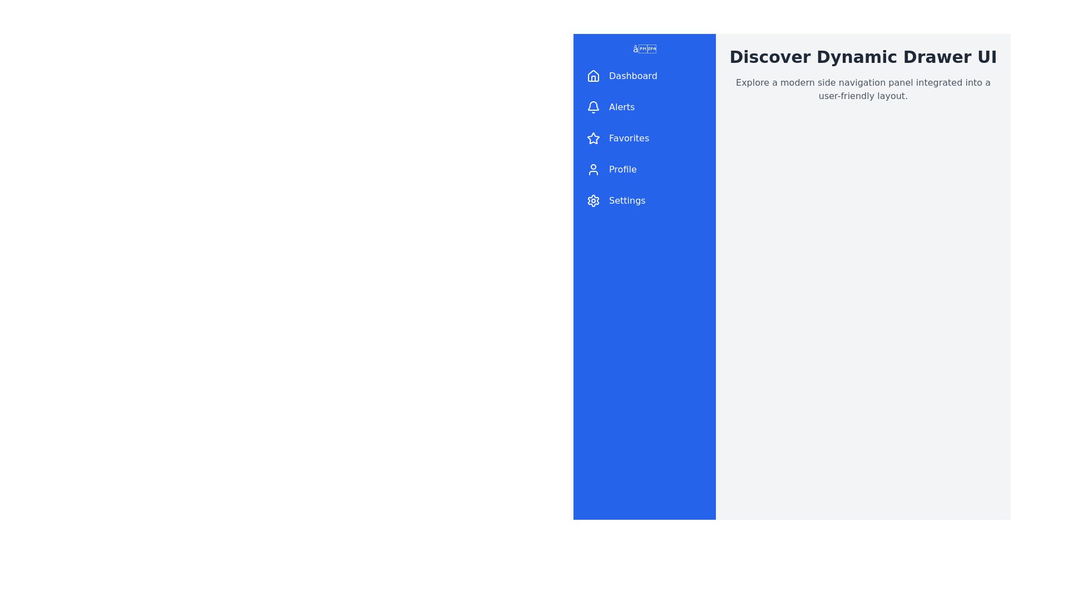 This screenshot has height=601, width=1068. Describe the element at coordinates (592, 137) in the screenshot. I see `the 'Favorites' icon located in the navigation bar, positioned third from the top, to provide quick access to the favorites section` at that location.